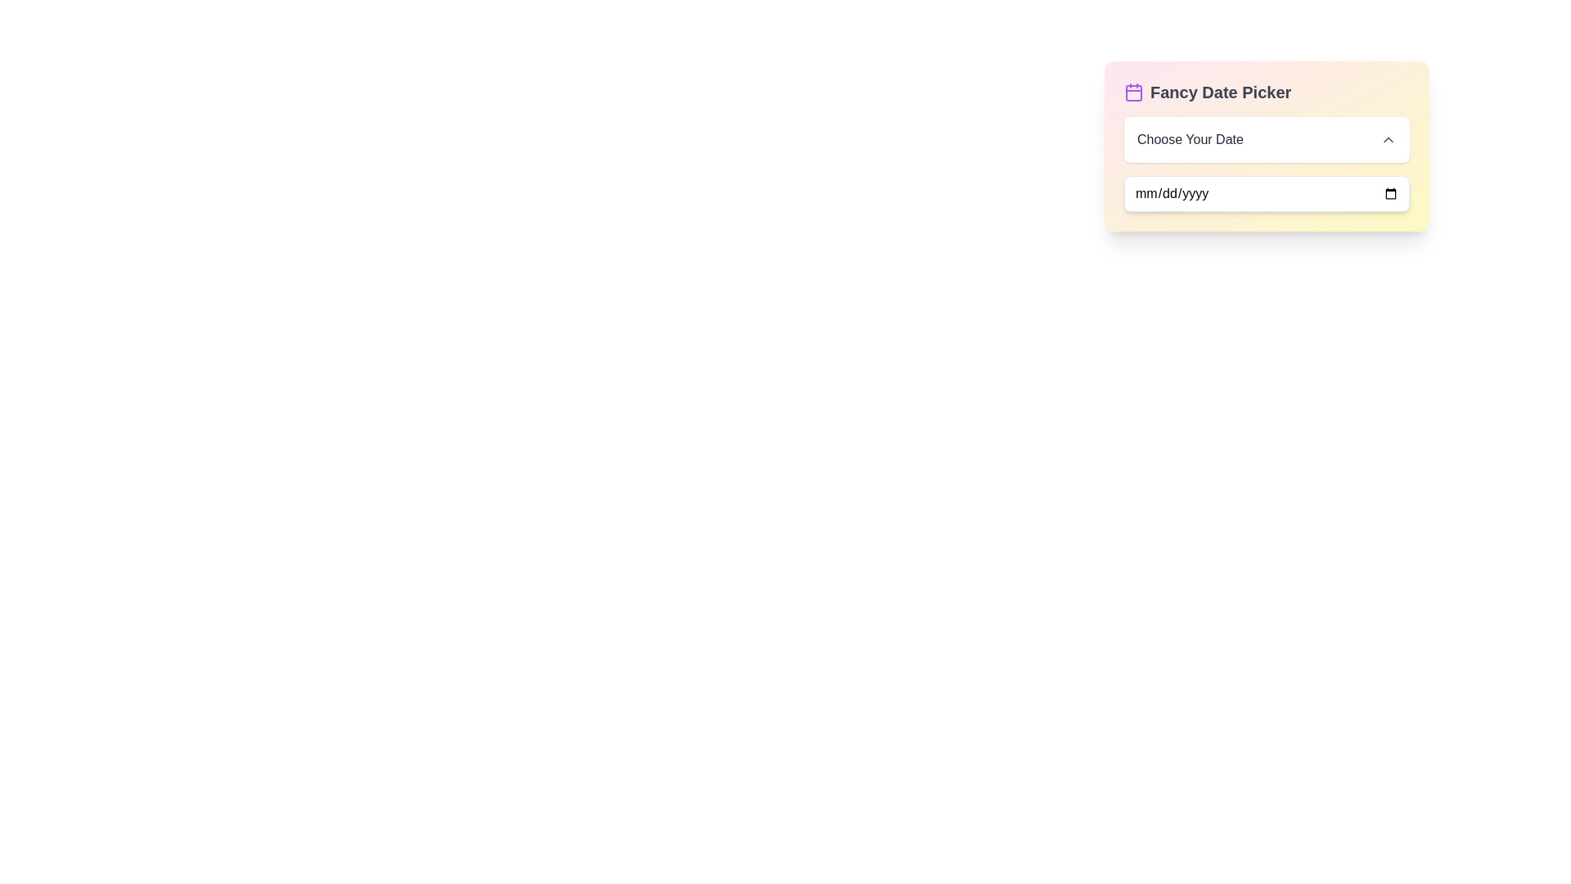  What do you see at coordinates (1133, 93) in the screenshot?
I see `the SVG graphical element that visually represents the calendar icon grid in the Fancy Date Picker interface` at bounding box center [1133, 93].